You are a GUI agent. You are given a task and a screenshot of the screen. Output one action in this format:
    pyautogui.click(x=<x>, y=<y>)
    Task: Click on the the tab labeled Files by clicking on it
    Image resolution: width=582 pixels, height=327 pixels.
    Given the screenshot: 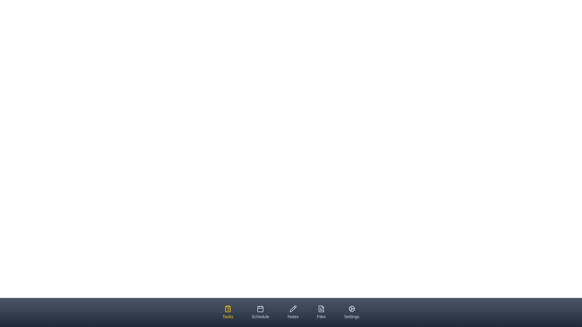 What is the action you would take?
    pyautogui.click(x=321, y=312)
    